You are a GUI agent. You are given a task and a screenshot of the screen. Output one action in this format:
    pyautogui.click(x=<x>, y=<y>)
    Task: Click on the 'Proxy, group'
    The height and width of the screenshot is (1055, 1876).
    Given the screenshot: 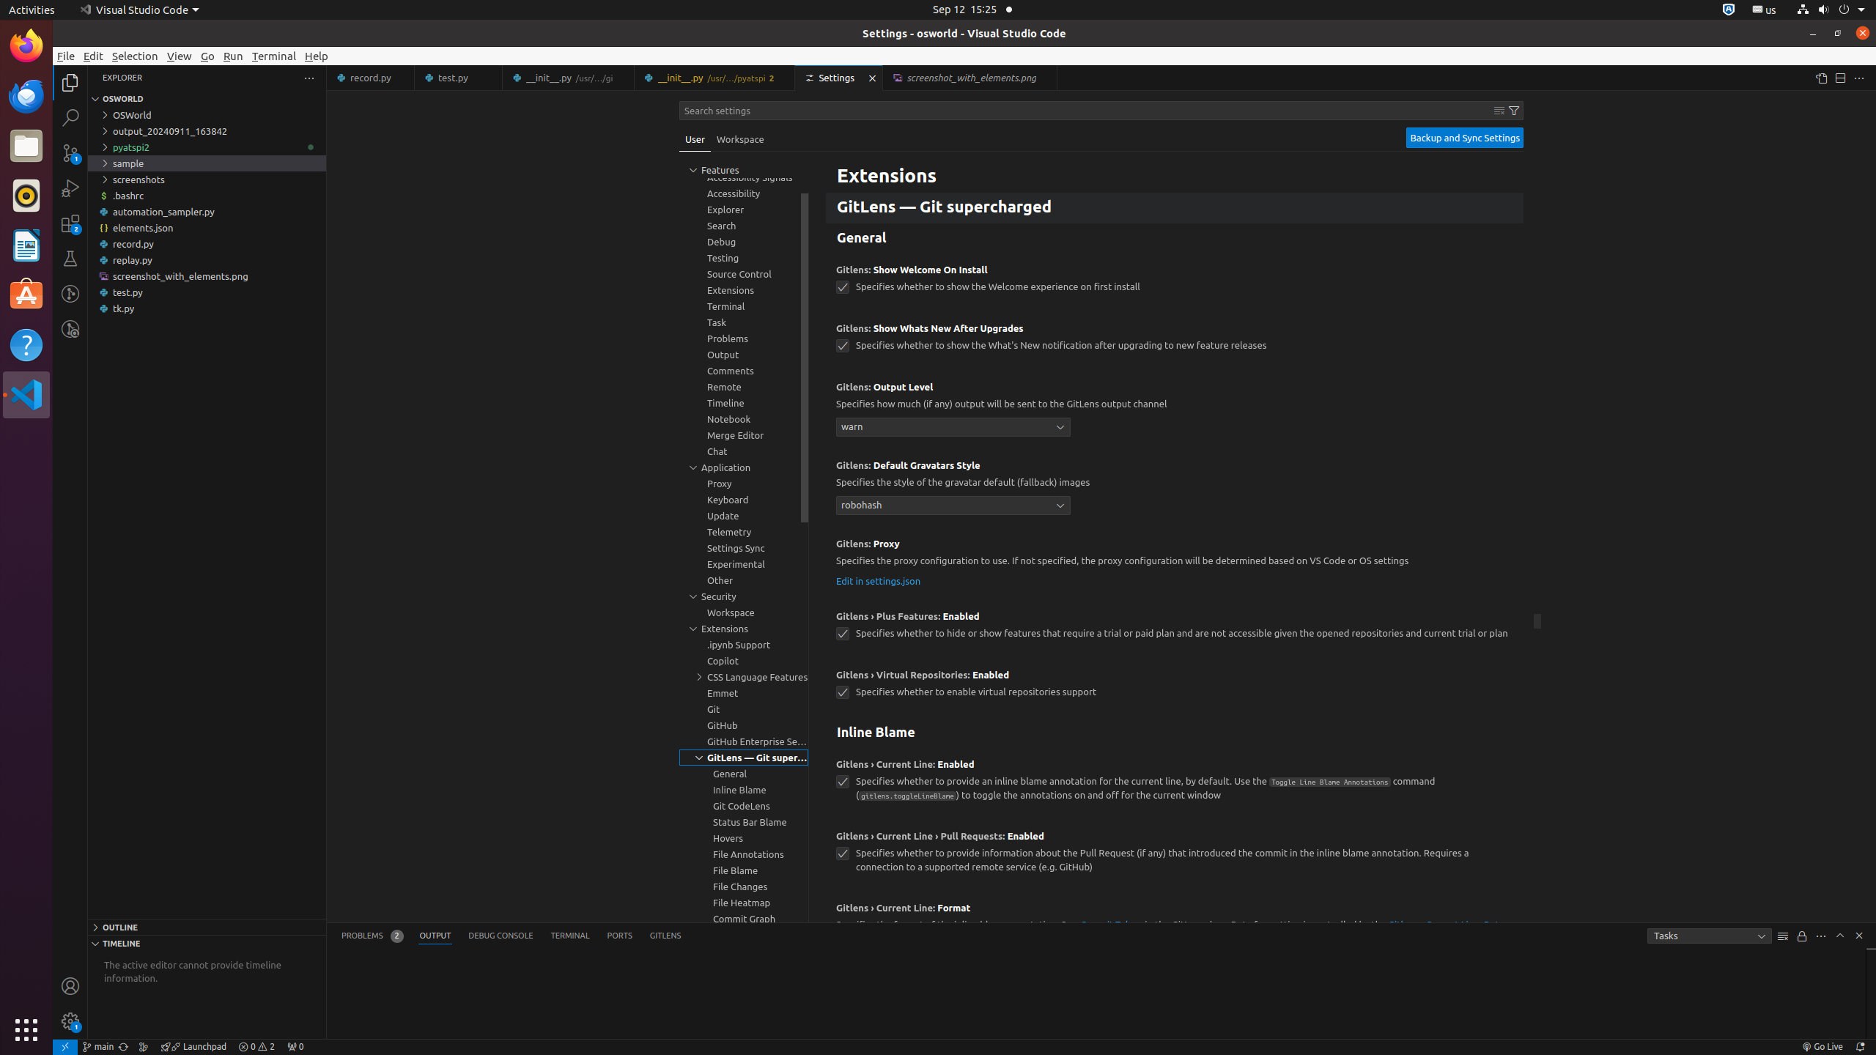 What is the action you would take?
    pyautogui.click(x=744, y=482)
    